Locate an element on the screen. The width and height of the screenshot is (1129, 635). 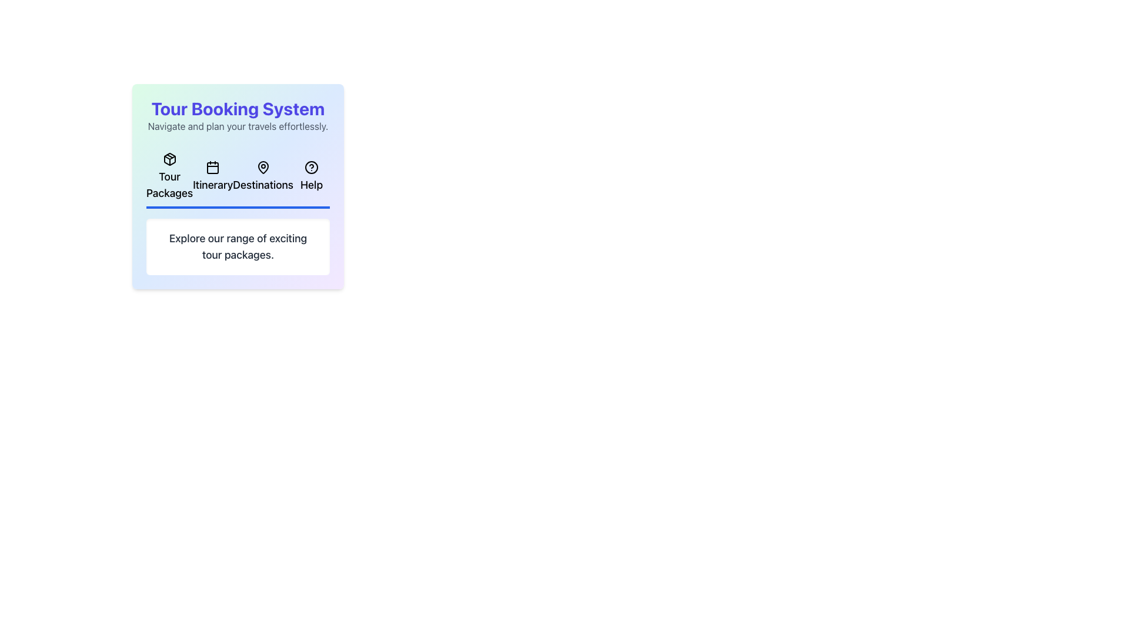
the Text label in the navigation tab that leads to the itinerary section, which is the second option between 'Tour Packages' and 'Destinations' is located at coordinates (213, 185).